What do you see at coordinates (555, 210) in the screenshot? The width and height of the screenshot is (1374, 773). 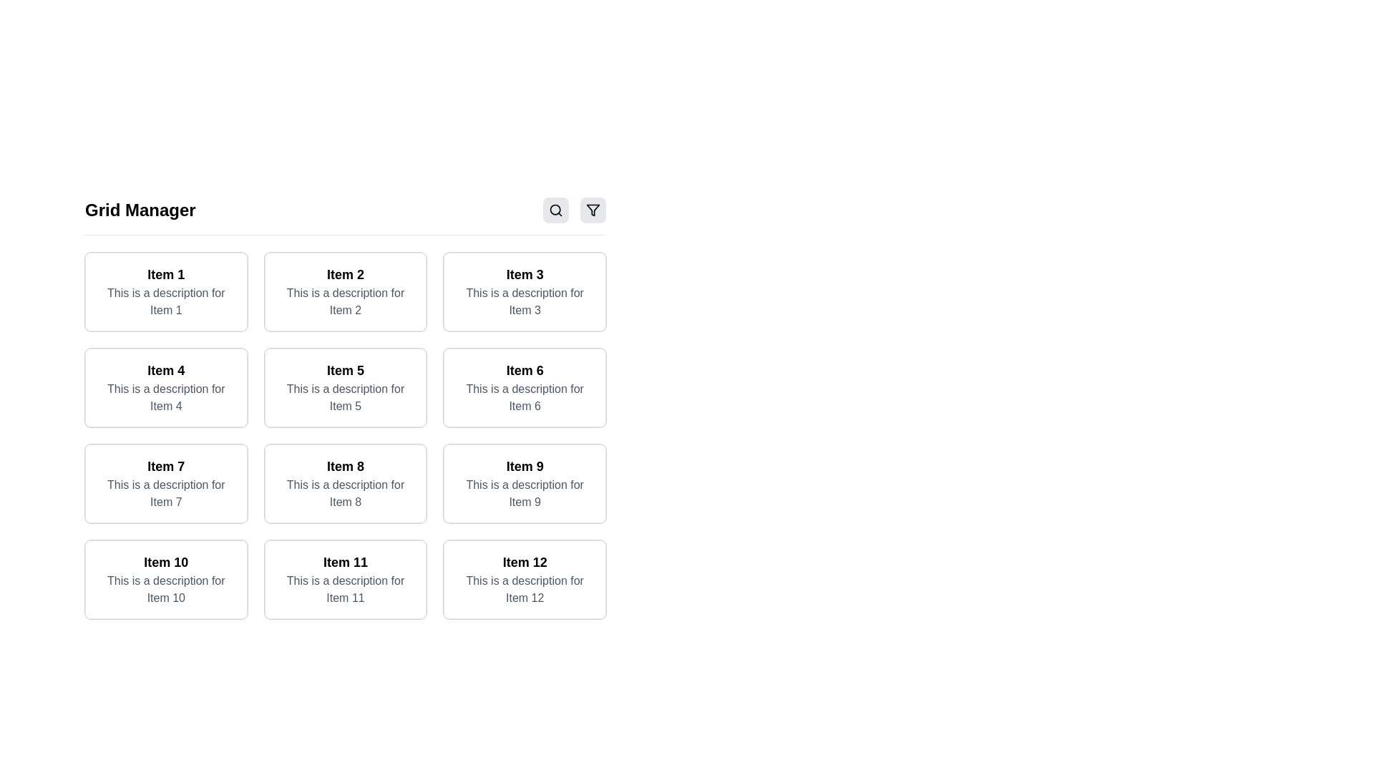 I see `the magnifying glass icon containing the circular SVG element by clicking on it to trigger actions` at bounding box center [555, 210].